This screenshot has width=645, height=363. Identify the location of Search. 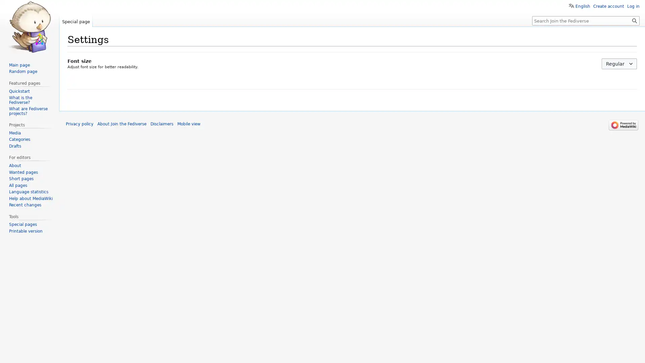
(634, 20).